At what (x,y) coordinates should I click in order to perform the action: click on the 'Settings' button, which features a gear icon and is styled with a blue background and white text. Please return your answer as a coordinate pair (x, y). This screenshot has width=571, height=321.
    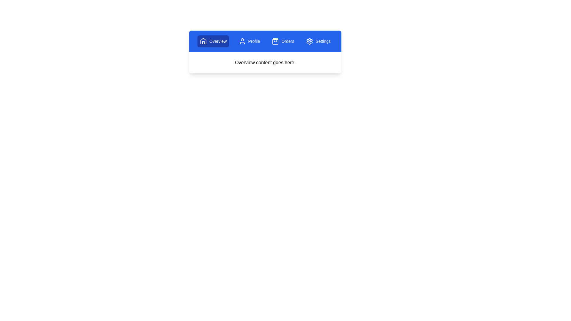
    Looking at the image, I should click on (318, 41).